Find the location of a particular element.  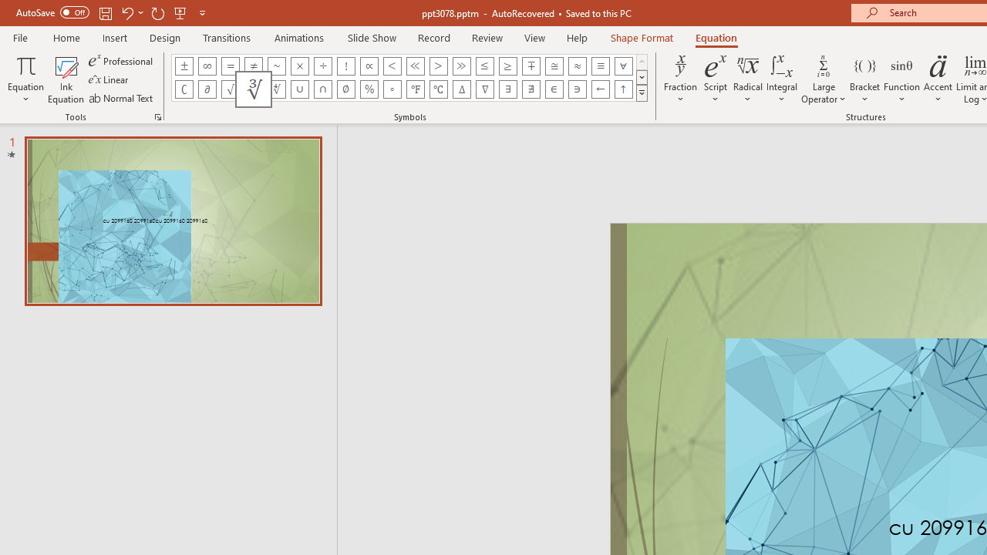

'Equation Symbols' is located at coordinates (642, 92).